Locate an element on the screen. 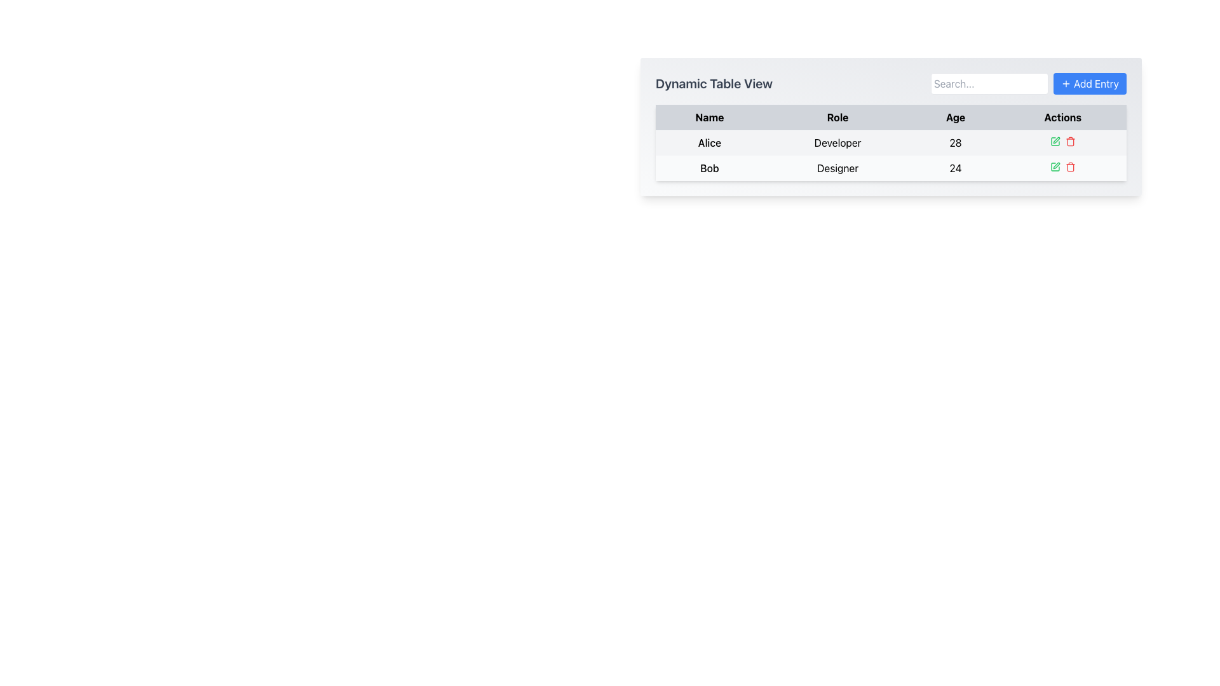  the 'Age' label, which is the third header in a tabular layout, located between 'Role' and 'Actions' is located at coordinates (956, 118).